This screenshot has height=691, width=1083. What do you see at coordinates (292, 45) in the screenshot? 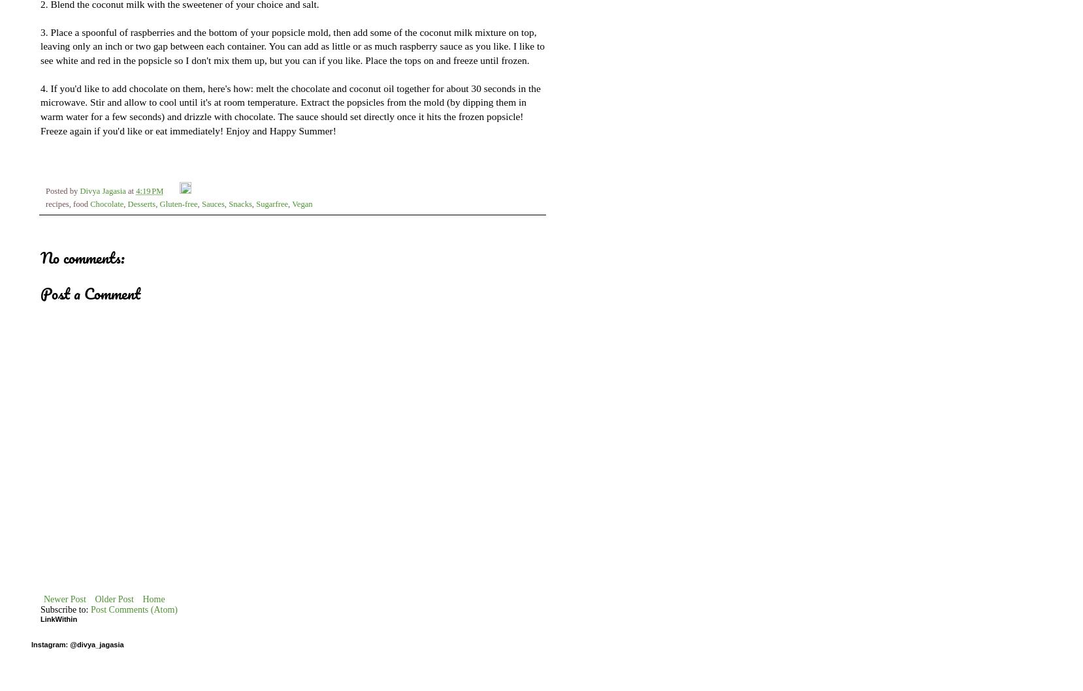
I see `'3. Place a spoonful of raspberries and the bottom of your popsicle mold, then add some of the coconut milk mixture on top, leaving only an inch or two gap between each container. You can add as little or as much raspberry sauce as you like. I like to see white and red in the popsicle so I don't mix them up, but you can if you like. Place the tops on and freeze until frozen.'` at bounding box center [292, 45].